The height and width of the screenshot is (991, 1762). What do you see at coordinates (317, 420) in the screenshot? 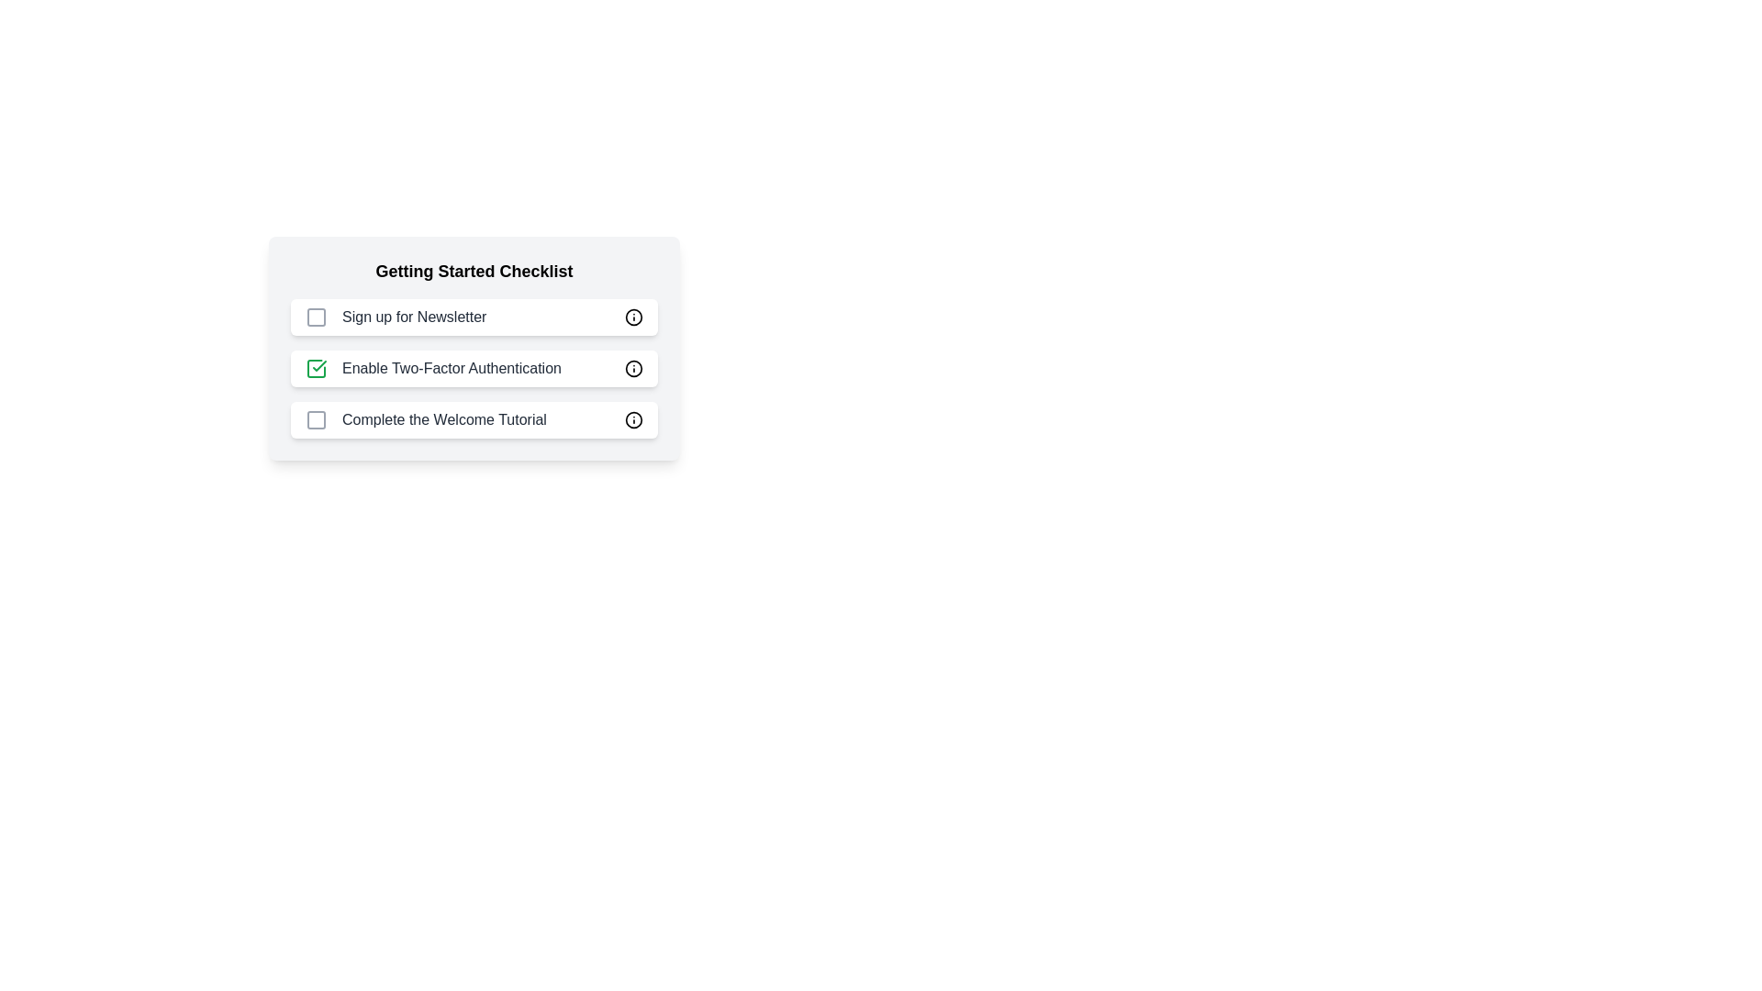
I see `the checkbox for 'Complete the Welcome Tutorial' in the Getting Started Checklist to mark the task as complete` at bounding box center [317, 420].